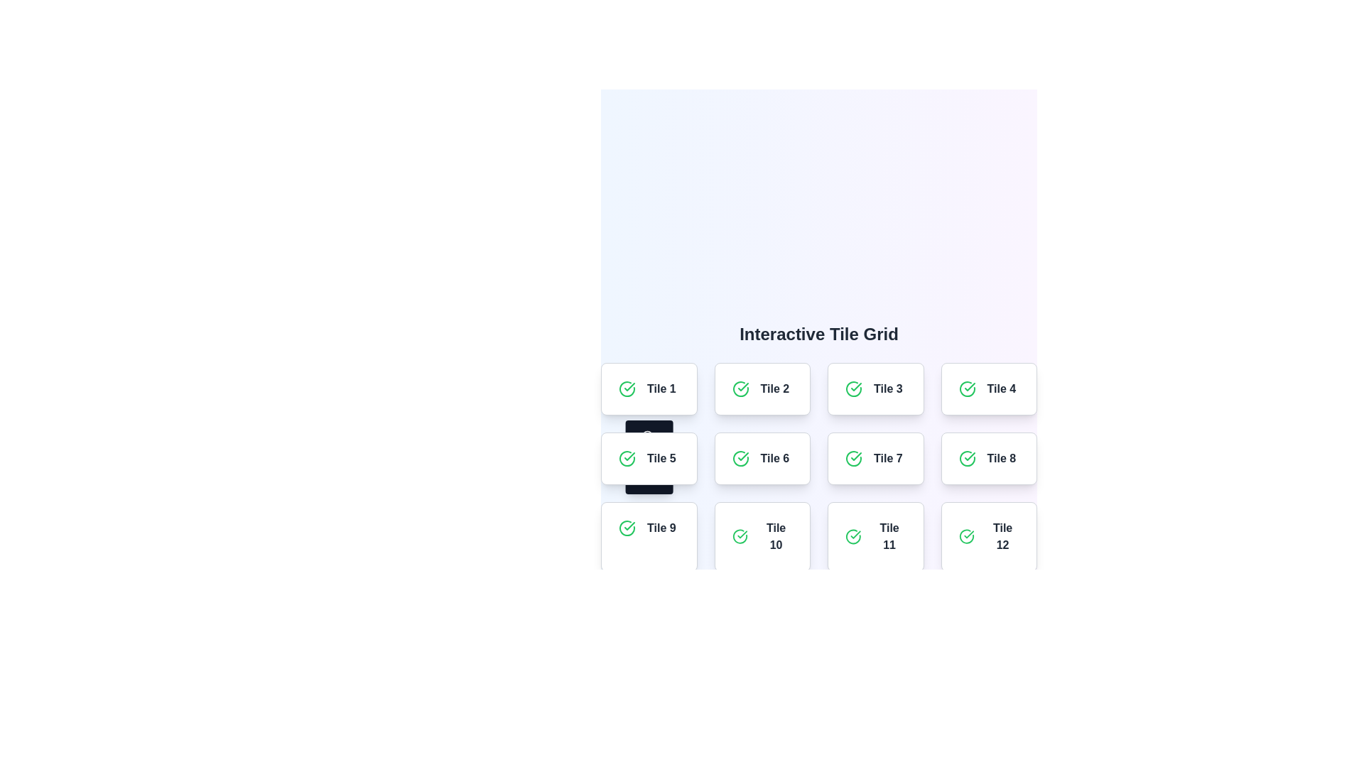 This screenshot has height=767, width=1364. Describe the element at coordinates (627, 528) in the screenshot. I see `the circular checkmark icon with a green stroke located in the ninth tile of the third row of the interactive grid` at that location.